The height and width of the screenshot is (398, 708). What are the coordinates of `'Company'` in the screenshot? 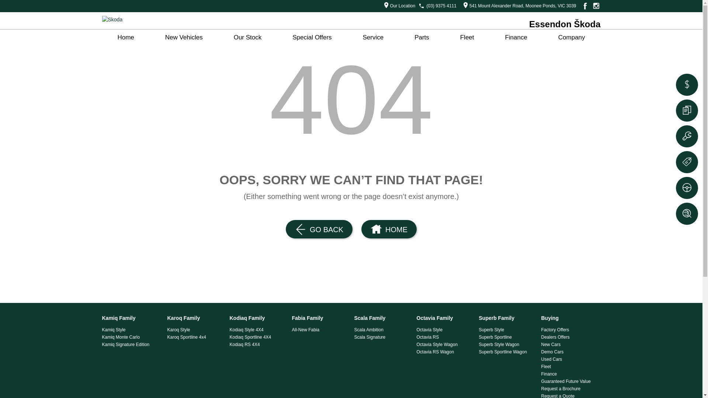 It's located at (571, 37).